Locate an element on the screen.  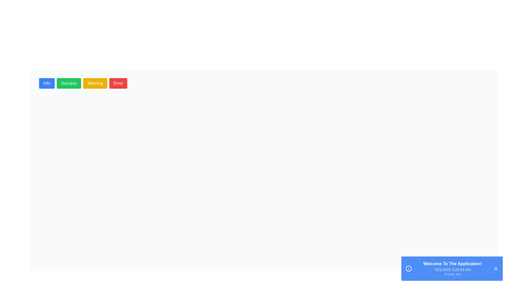
the 'Error' button, which is the fourth button from the left in a horizontal group of four buttons, featuring white text on a red background is located at coordinates (118, 83).